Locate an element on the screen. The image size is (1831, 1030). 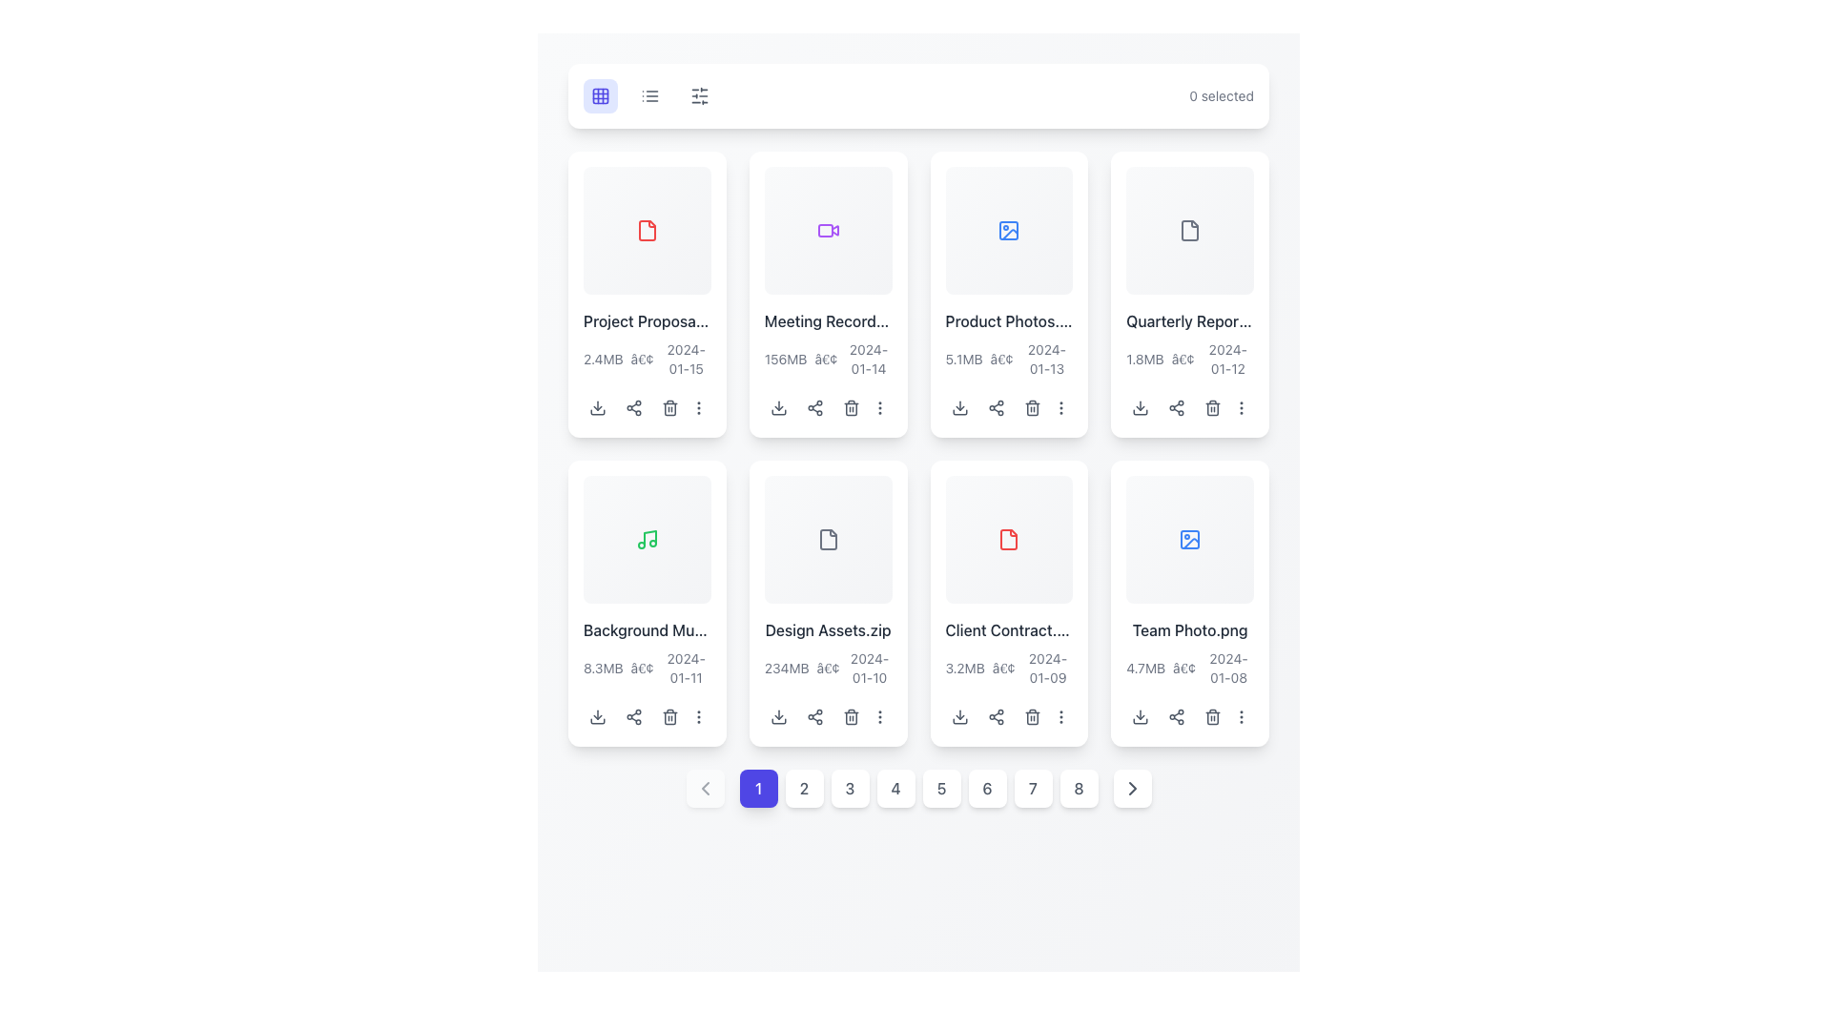
the small square button with a grid icon in indigo tones located at the top-left corner of the interface is located at coordinates (599, 95).